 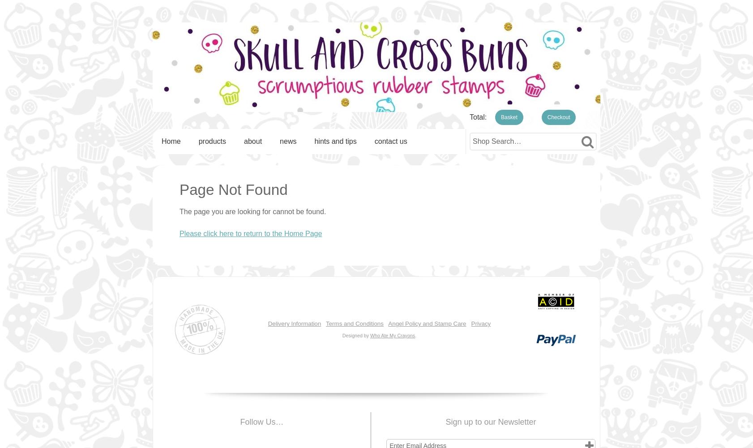 What do you see at coordinates (480, 323) in the screenshot?
I see `'Privacy'` at bounding box center [480, 323].